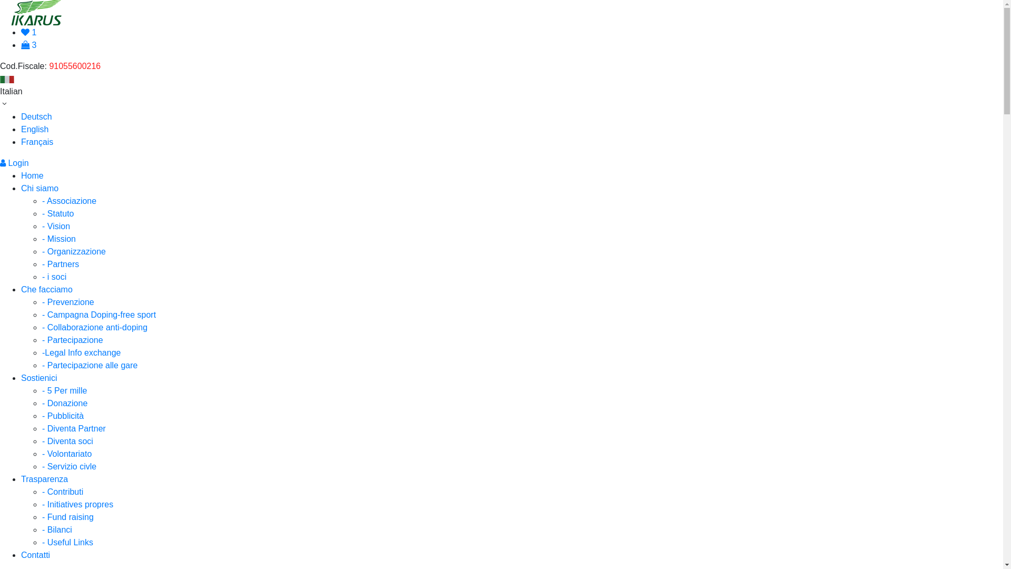 This screenshot has width=1011, height=569. Describe the element at coordinates (64, 390) in the screenshot. I see `'- 5 Per mille'` at that location.